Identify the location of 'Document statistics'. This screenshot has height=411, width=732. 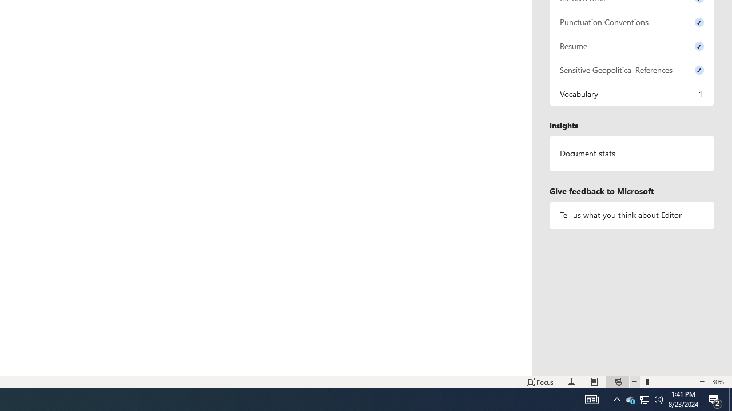
(631, 153).